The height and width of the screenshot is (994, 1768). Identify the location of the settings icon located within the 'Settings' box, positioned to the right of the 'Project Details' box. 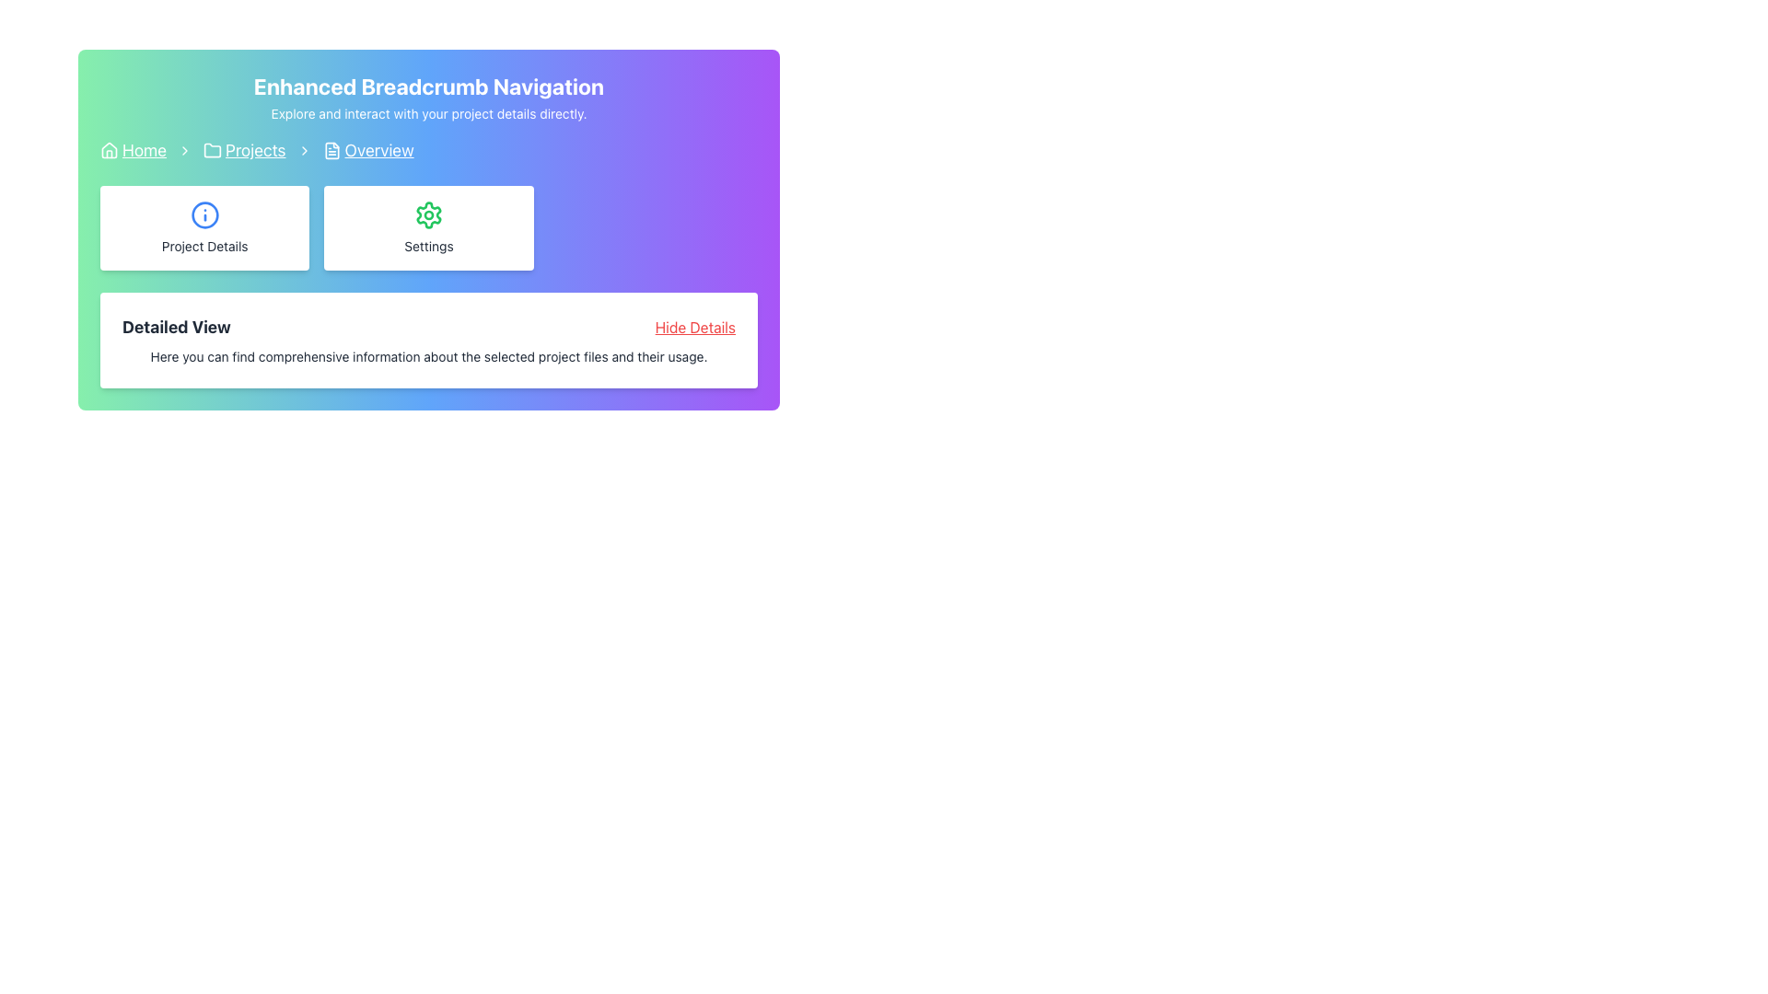
(427, 214).